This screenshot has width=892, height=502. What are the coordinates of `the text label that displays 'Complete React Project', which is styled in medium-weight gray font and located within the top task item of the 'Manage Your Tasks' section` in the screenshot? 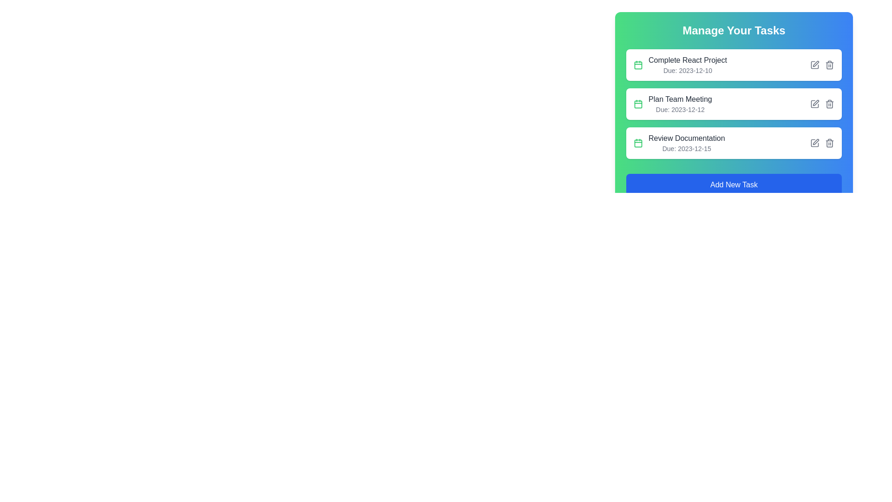 It's located at (688, 60).